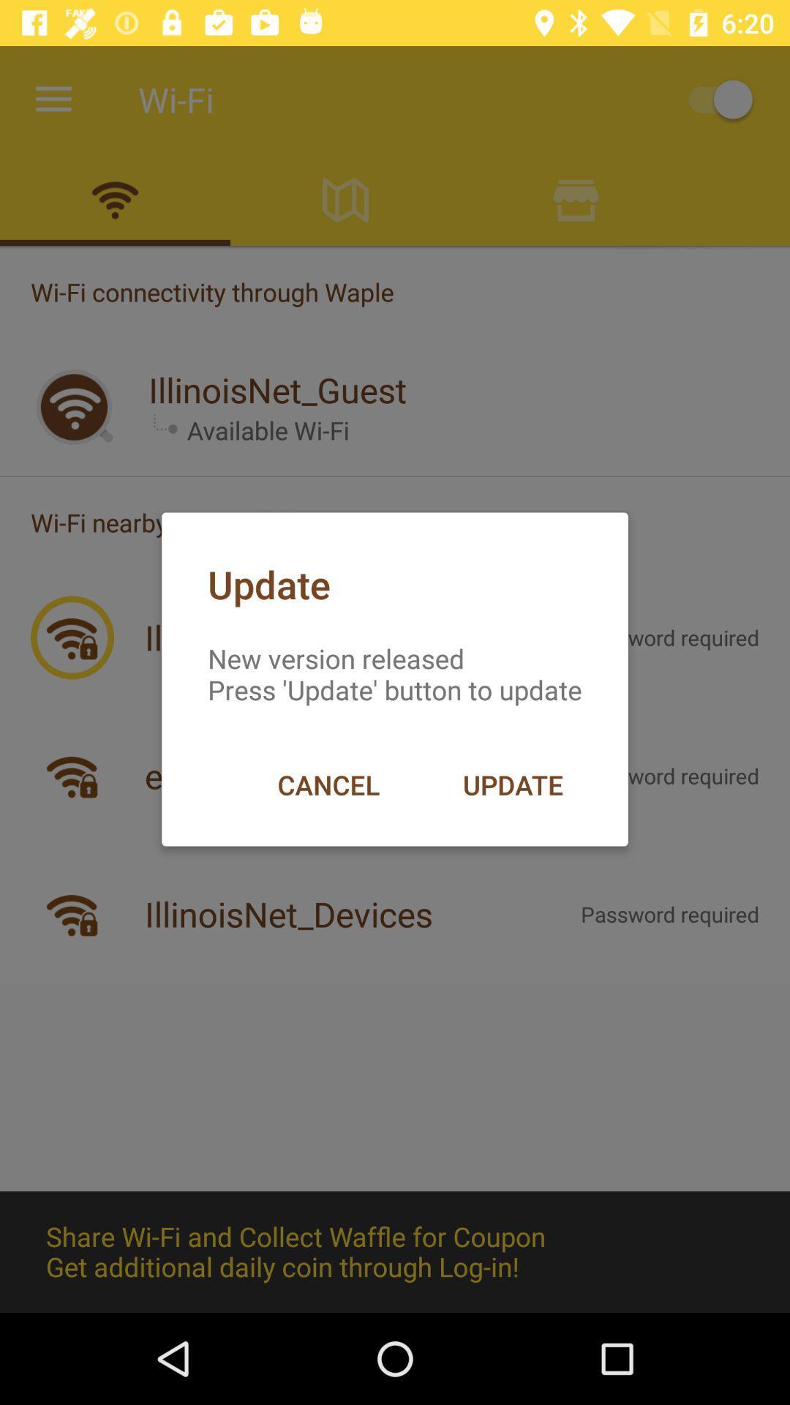  Describe the element at coordinates (328, 784) in the screenshot. I see `item to the left of the update item` at that location.